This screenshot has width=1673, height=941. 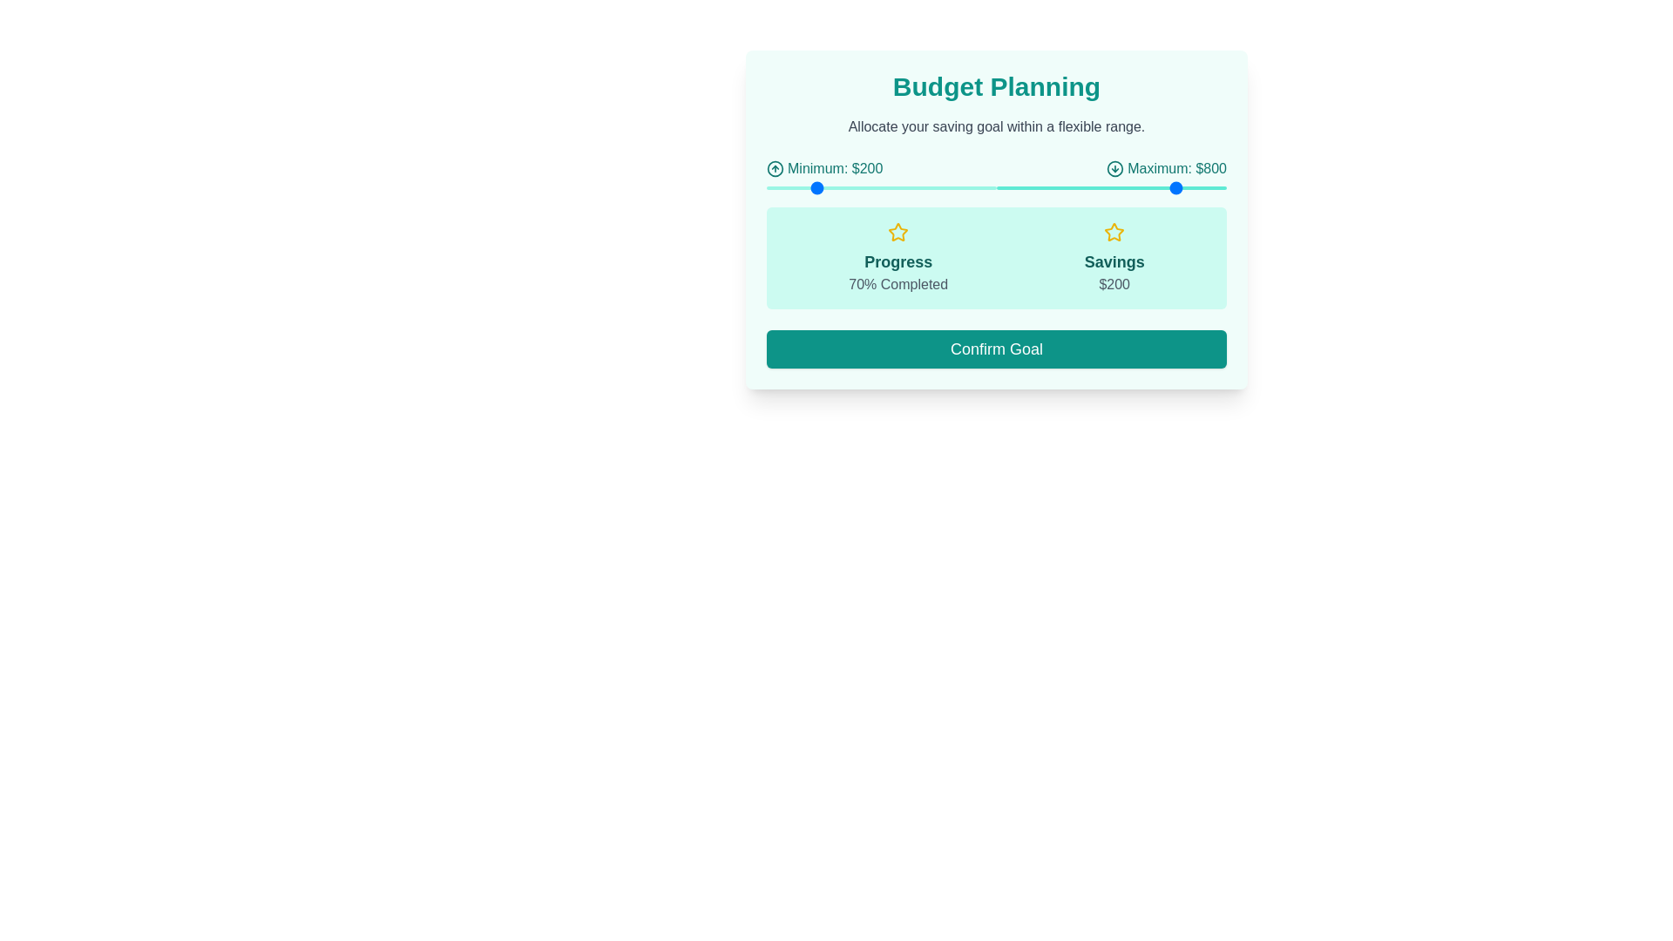 What do you see at coordinates (1115, 168) in the screenshot?
I see `the Icon or Toggle Button located to the left of the 'Maximum: $800' label, which serves as an indicator or dropdown toggle for maximum value interaction` at bounding box center [1115, 168].